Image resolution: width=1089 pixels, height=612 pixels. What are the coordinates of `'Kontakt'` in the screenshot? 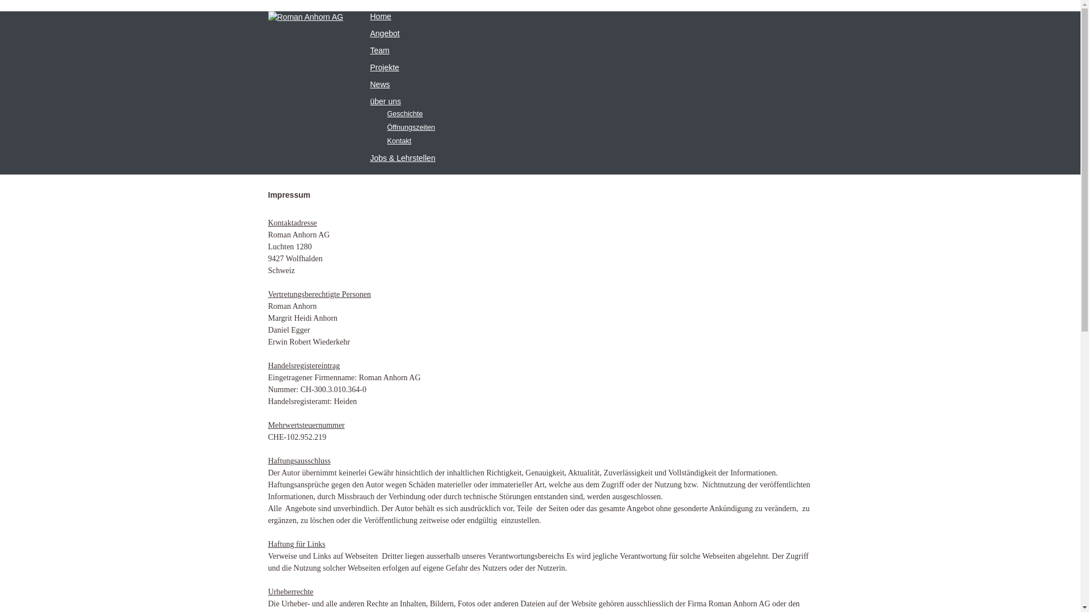 It's located at (399, 141).